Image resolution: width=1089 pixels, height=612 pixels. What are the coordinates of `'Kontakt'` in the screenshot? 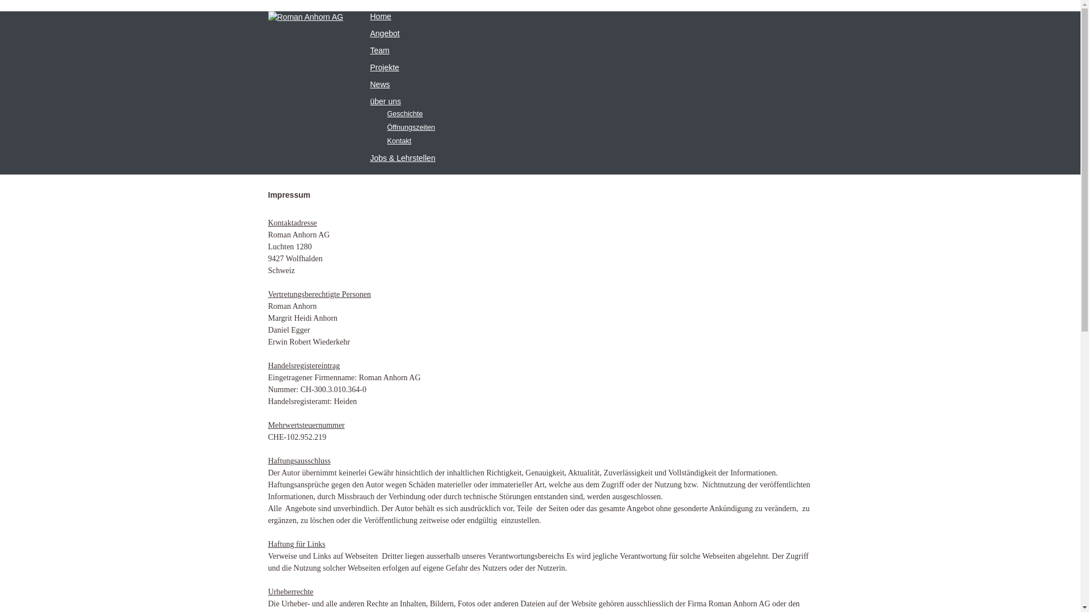 It's located at (399, 141).